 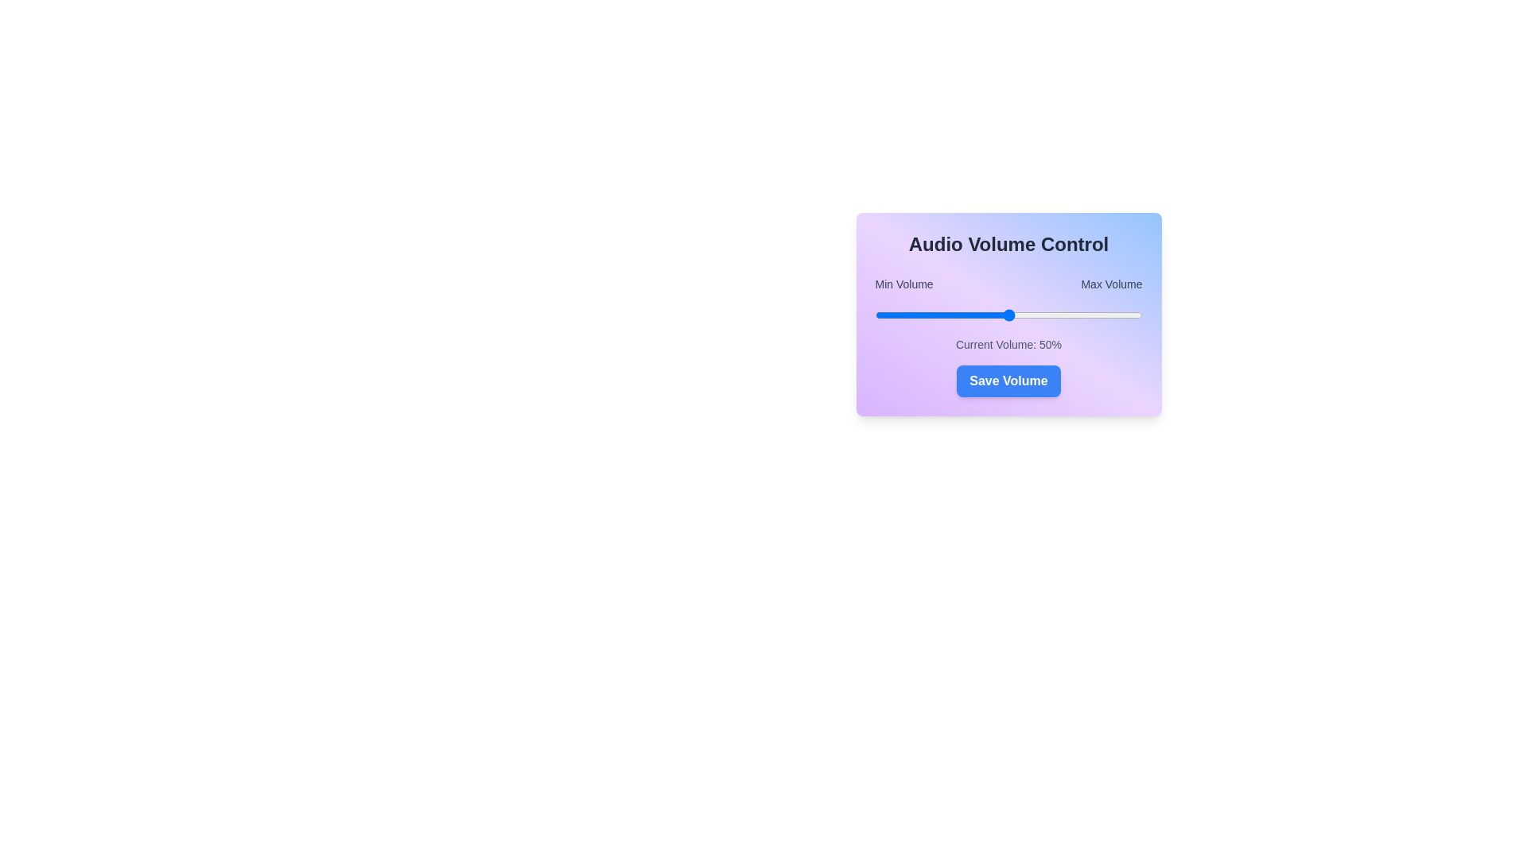 What do you see at coordinates (1008, 381) in the screenshot?
I see `the 'Save Volume' button` at bounding box center [1008, 381].